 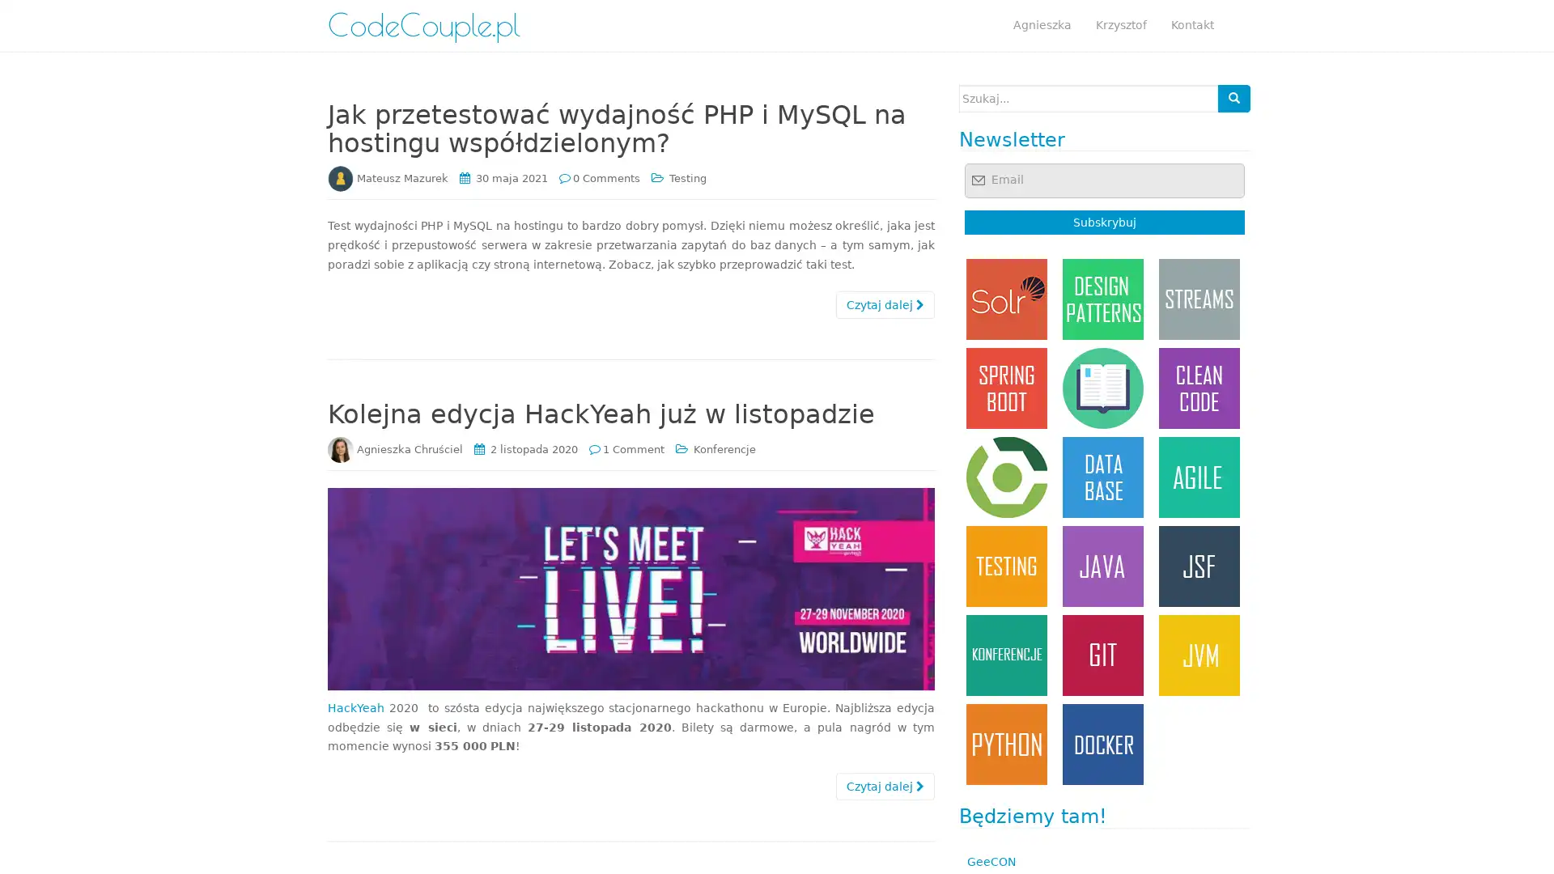 I want to click on Subskrybuj, so click(x=1103, y=222).